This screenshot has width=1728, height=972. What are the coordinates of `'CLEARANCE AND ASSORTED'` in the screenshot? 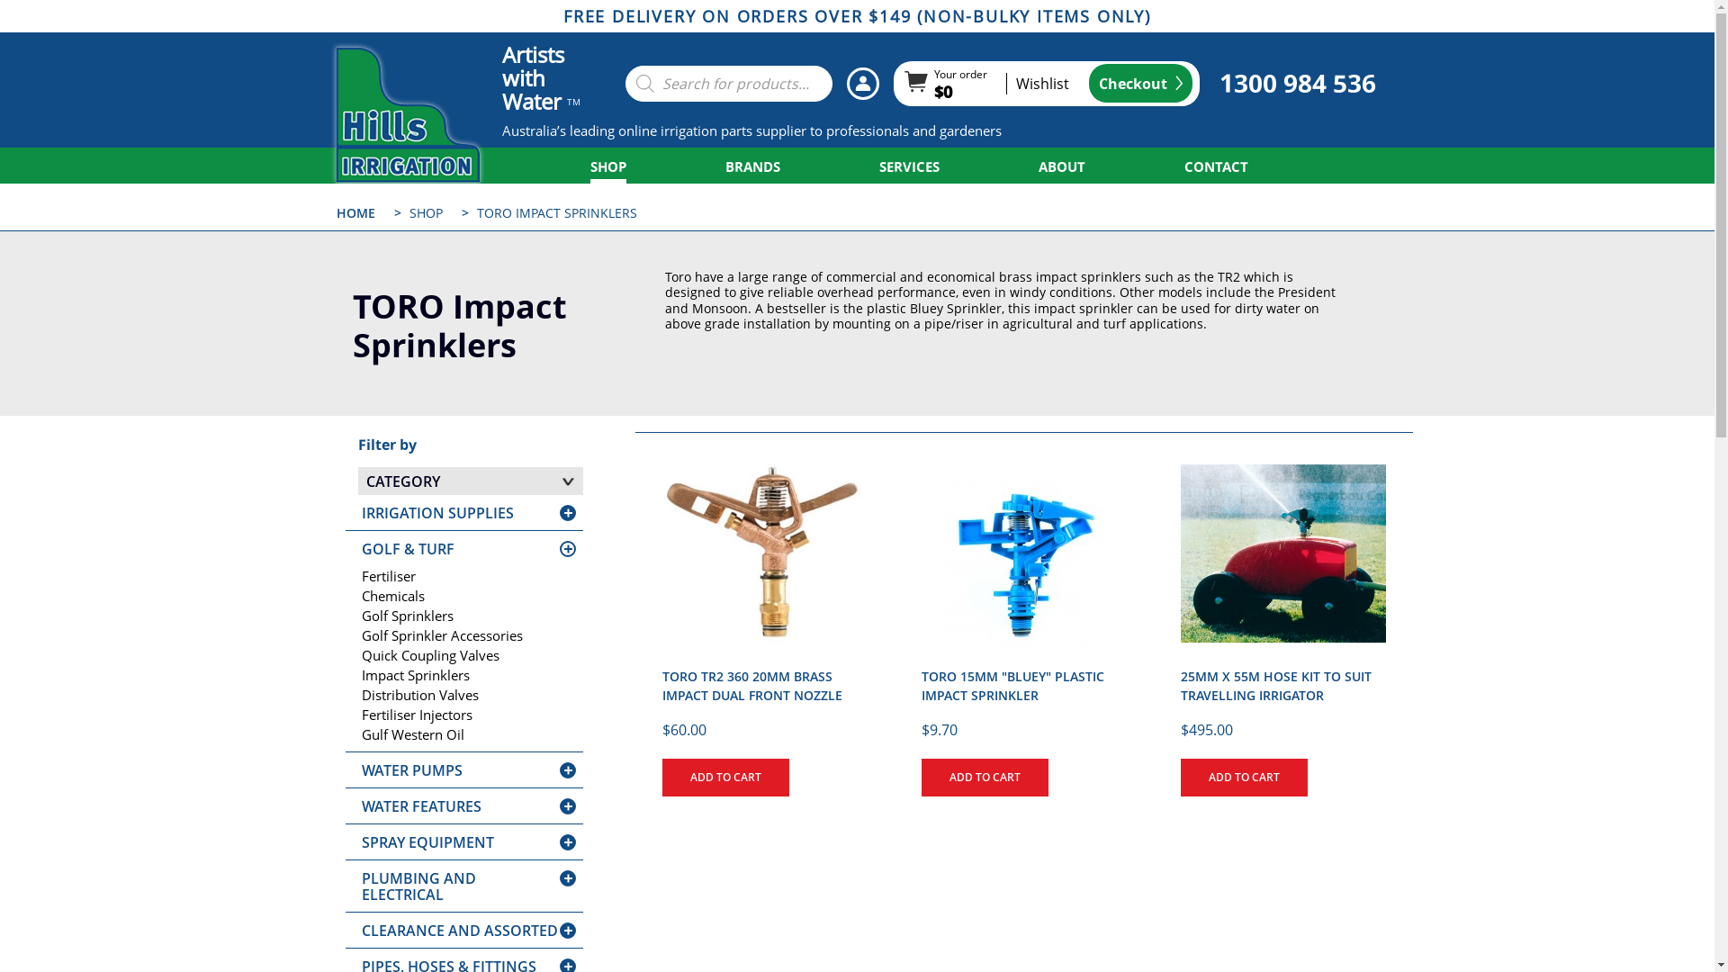 It's located at (459, 930).